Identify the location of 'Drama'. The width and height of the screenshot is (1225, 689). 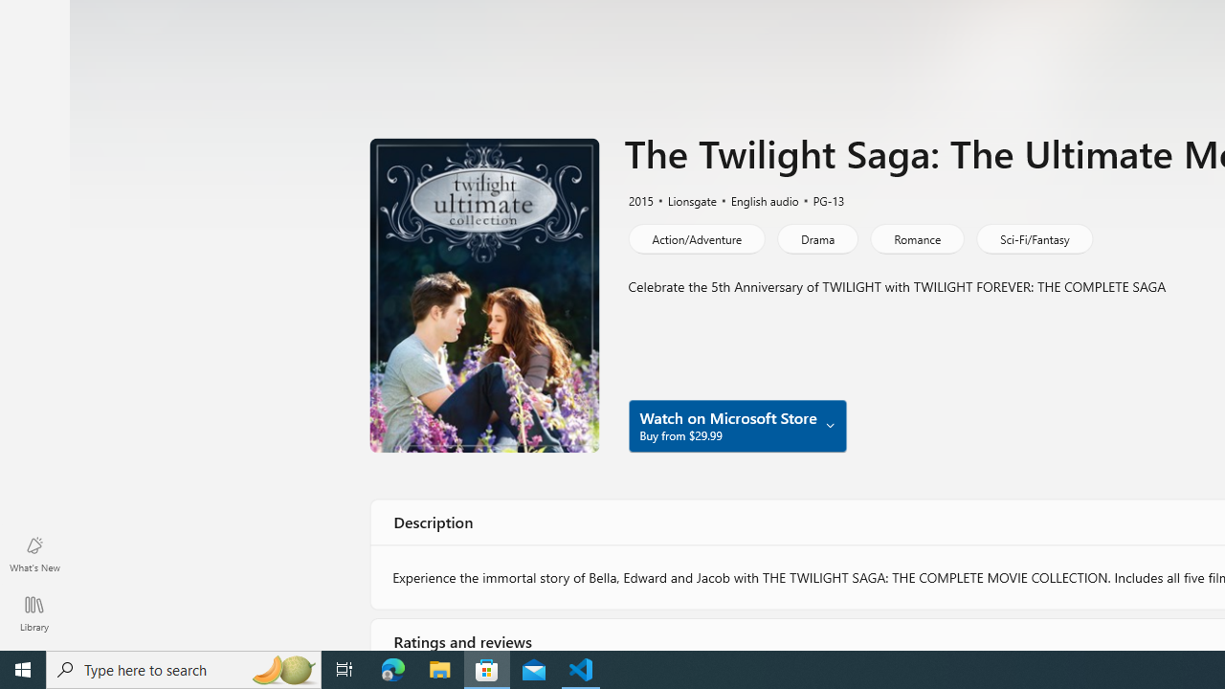
(817, 237).